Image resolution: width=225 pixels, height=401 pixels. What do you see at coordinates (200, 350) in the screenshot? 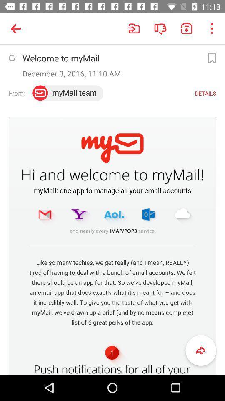
I see `forward mail` at bounding box center [200, 350].